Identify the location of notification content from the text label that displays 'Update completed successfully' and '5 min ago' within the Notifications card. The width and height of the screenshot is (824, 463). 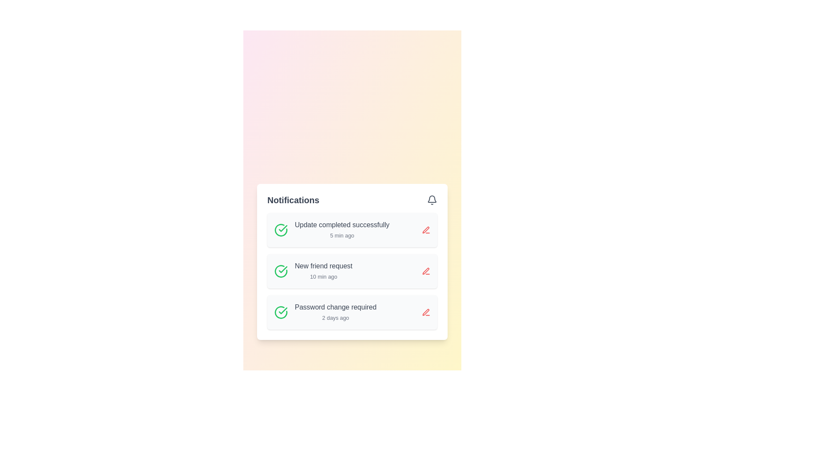
(342, 229).